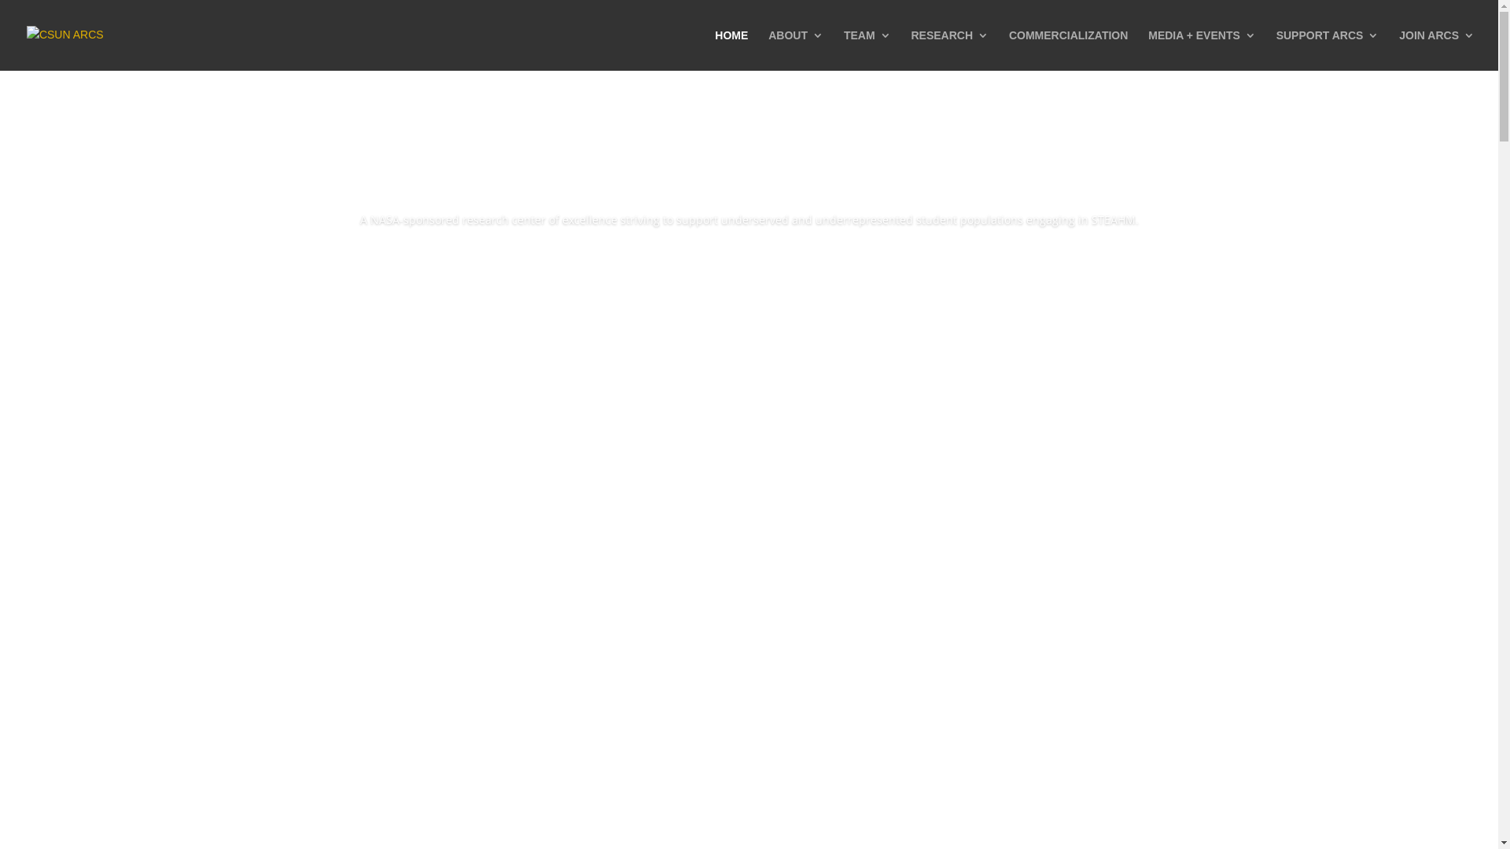 The width and height of the screenshot is (1510, 849). What do you see at coordinates (748, 263) in the screenshot?
I see `'LEARN MORE'` at bounding box center [748, 263].